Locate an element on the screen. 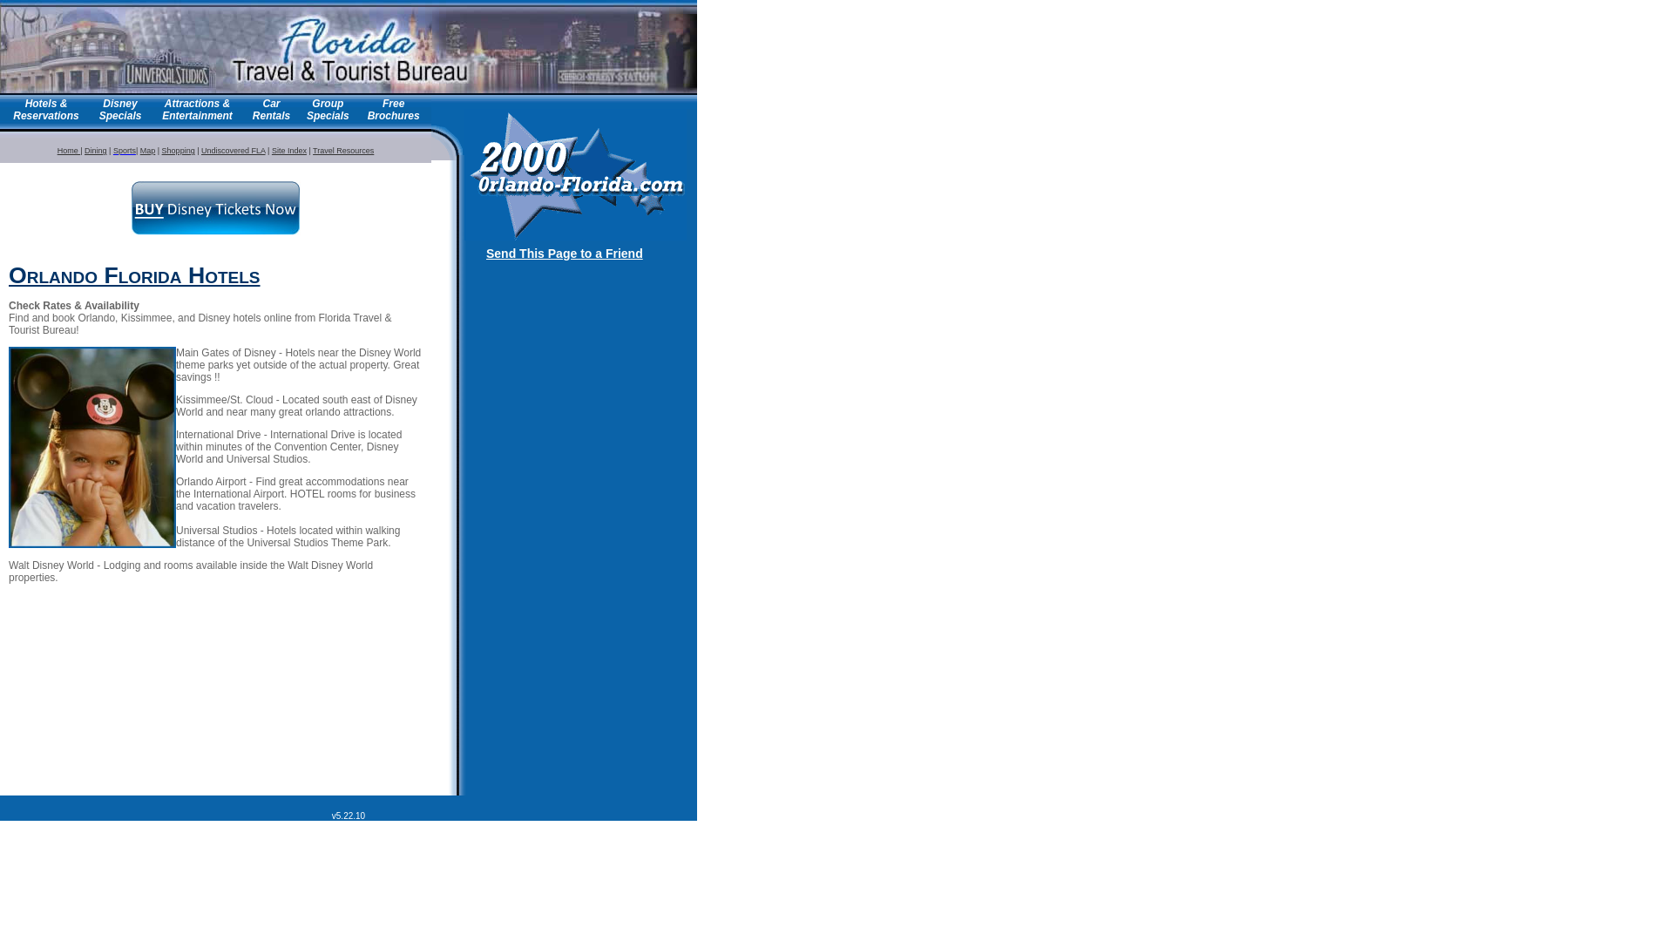  'Map' is located at coordinates (147, 150).